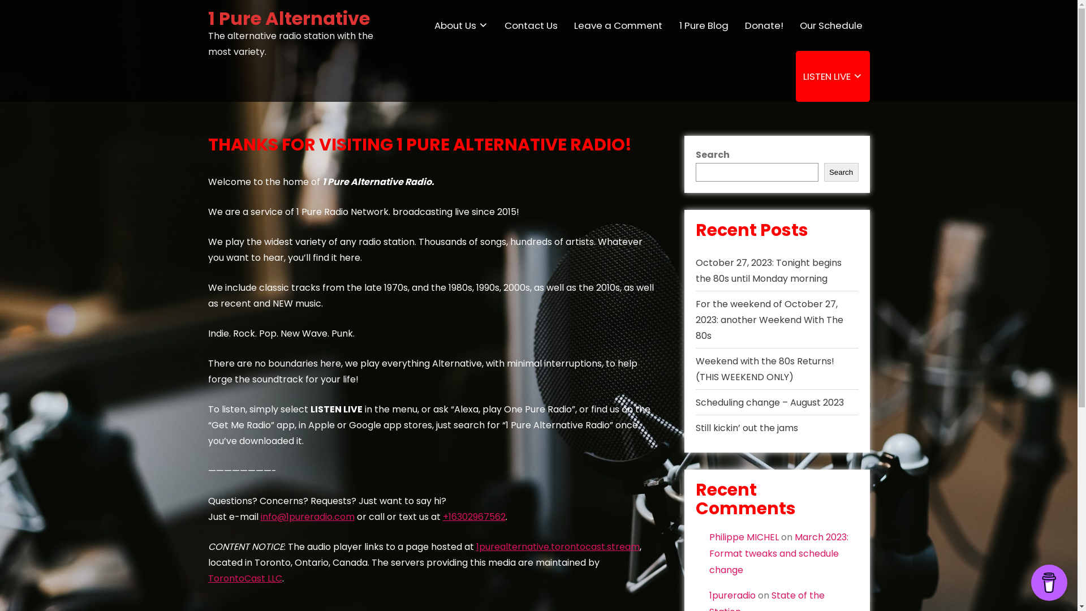  I want to click on '1pureradio', so click(732, 595).